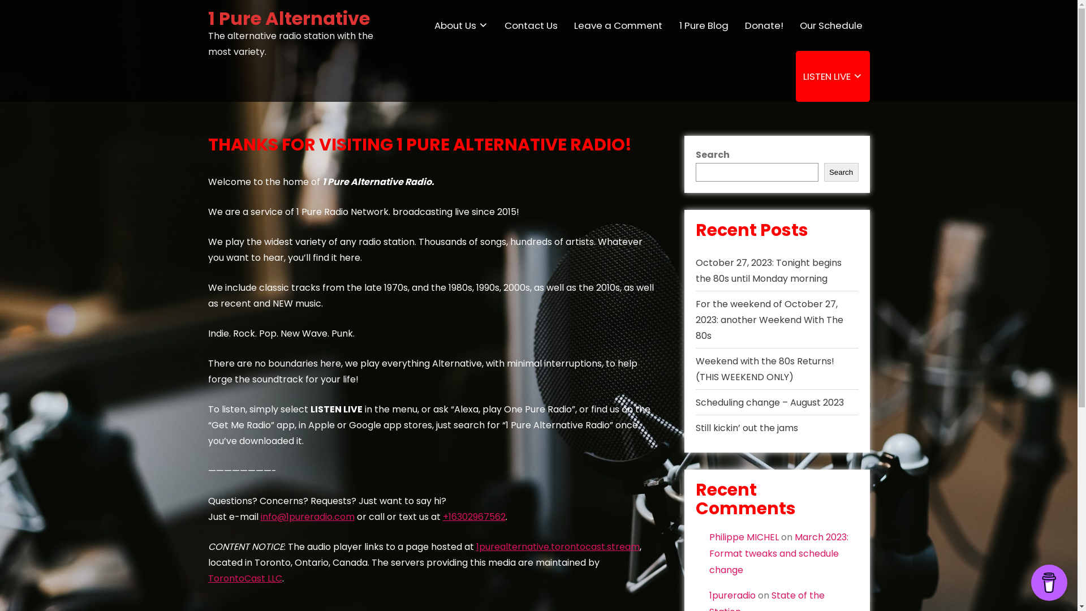  I want to click on '1pureradio', so click(732, 595).